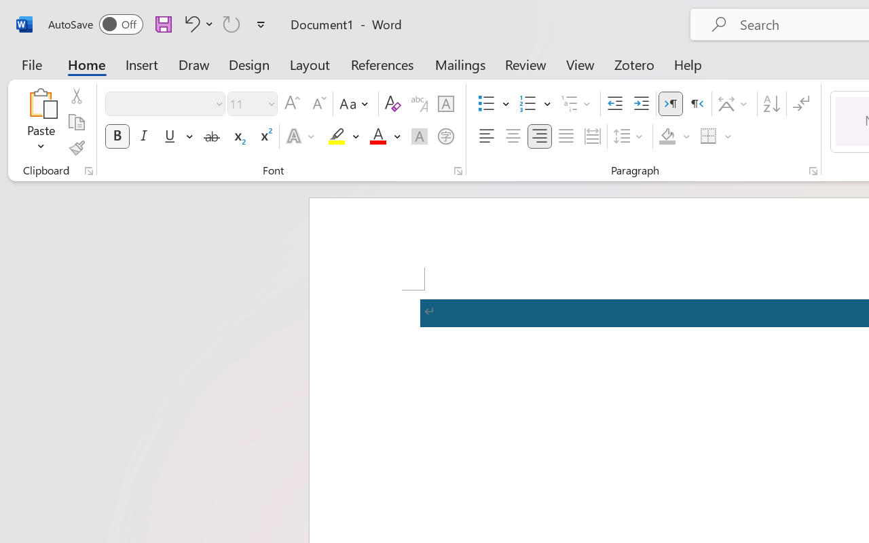 The width and height of the screenshot is (869, 543). I want to click on 'Repeat TCSCTranslate', so click(232, 23).